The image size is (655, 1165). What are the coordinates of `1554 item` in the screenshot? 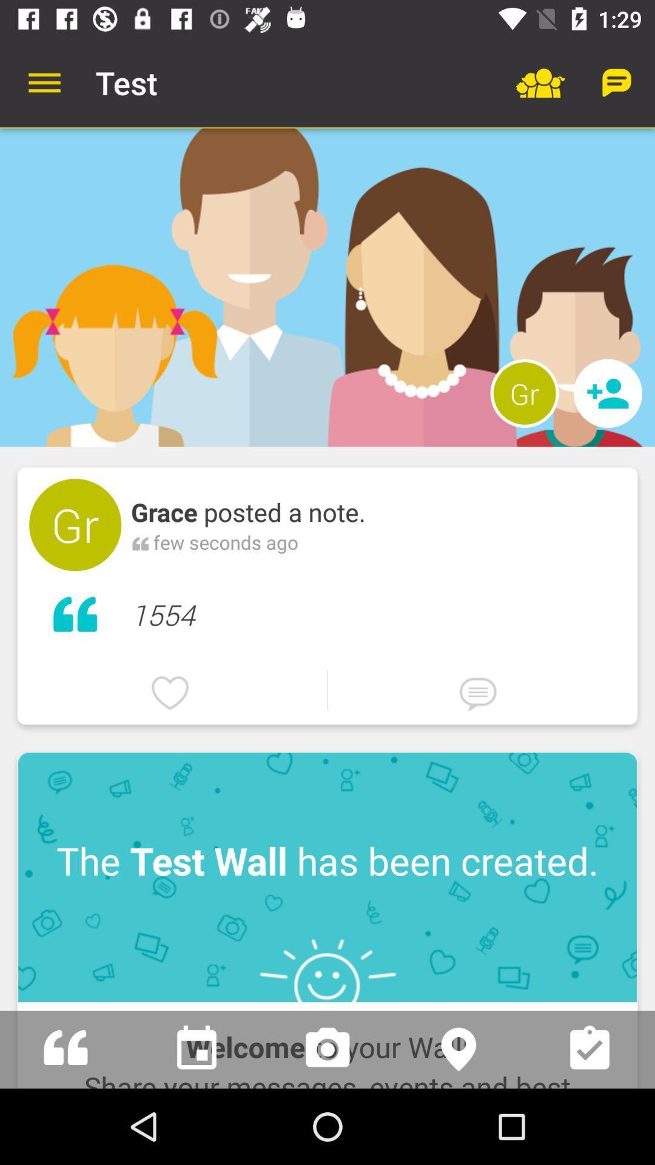 It's located at (378, 612).